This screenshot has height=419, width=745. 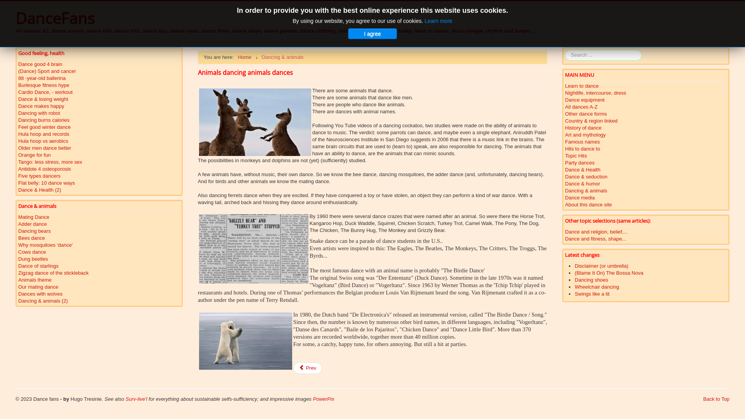 What do you see at coordinates (244, 57) in the screenshot?
I see `'Home'` at bounding box center [244, 57].